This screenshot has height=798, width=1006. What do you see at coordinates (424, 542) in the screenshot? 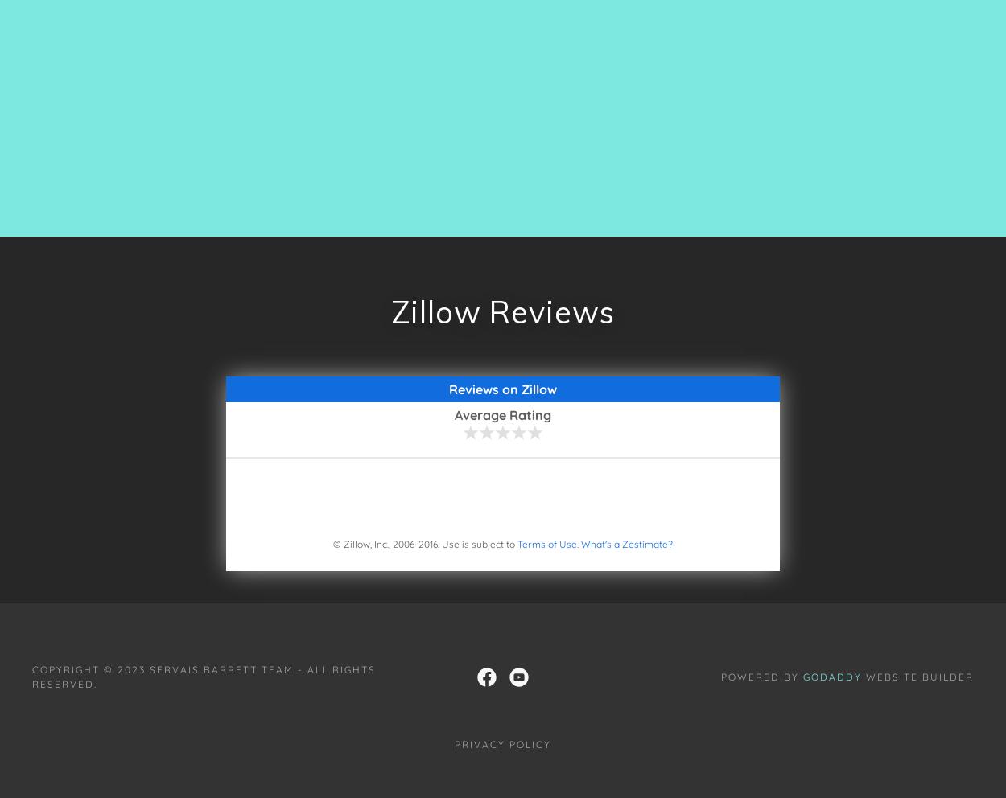
I see `'© Zillow, Inc., 2006-2016. Use is subject to'` at bounding box center [424, 542].